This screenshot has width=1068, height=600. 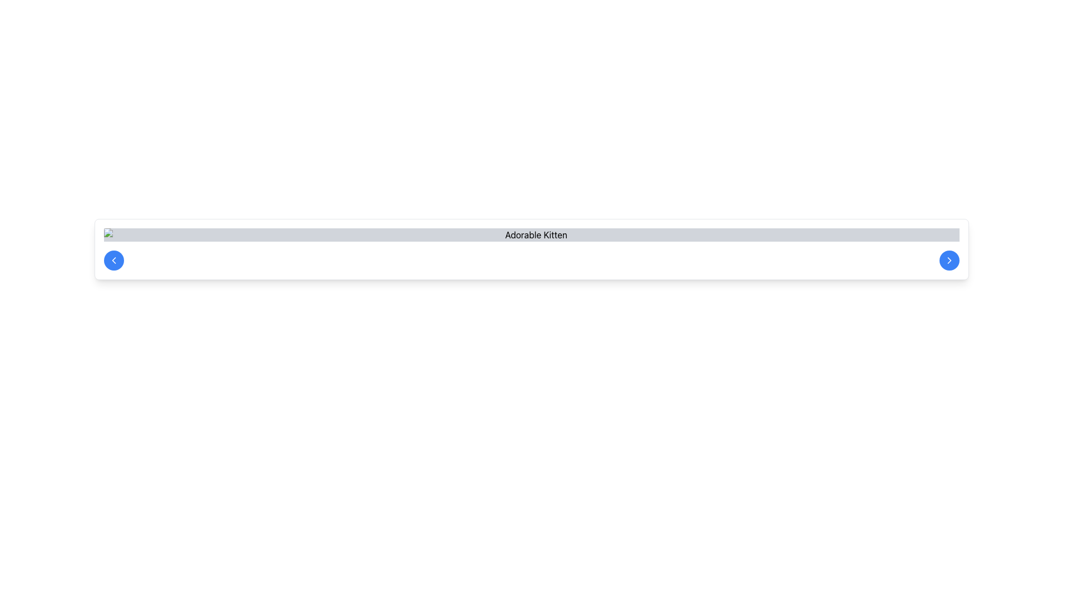 I want to click on the chevron icon located near the far-right end of the rectangular box containing the text 'Adorable Kitten', which indicates a navigational action, so click(x=949, y=261).